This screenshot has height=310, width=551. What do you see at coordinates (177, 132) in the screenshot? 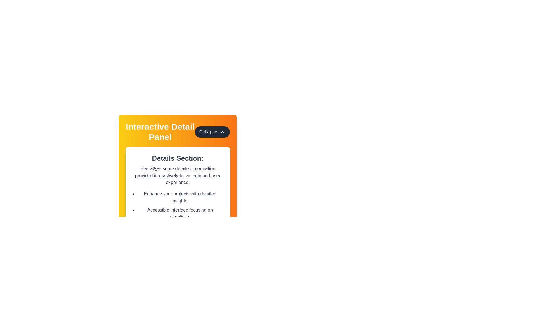
I see `title of the Composite Component (Header and Button) to understand the content of the interactive detail panel` at bounding box center [177, 132].